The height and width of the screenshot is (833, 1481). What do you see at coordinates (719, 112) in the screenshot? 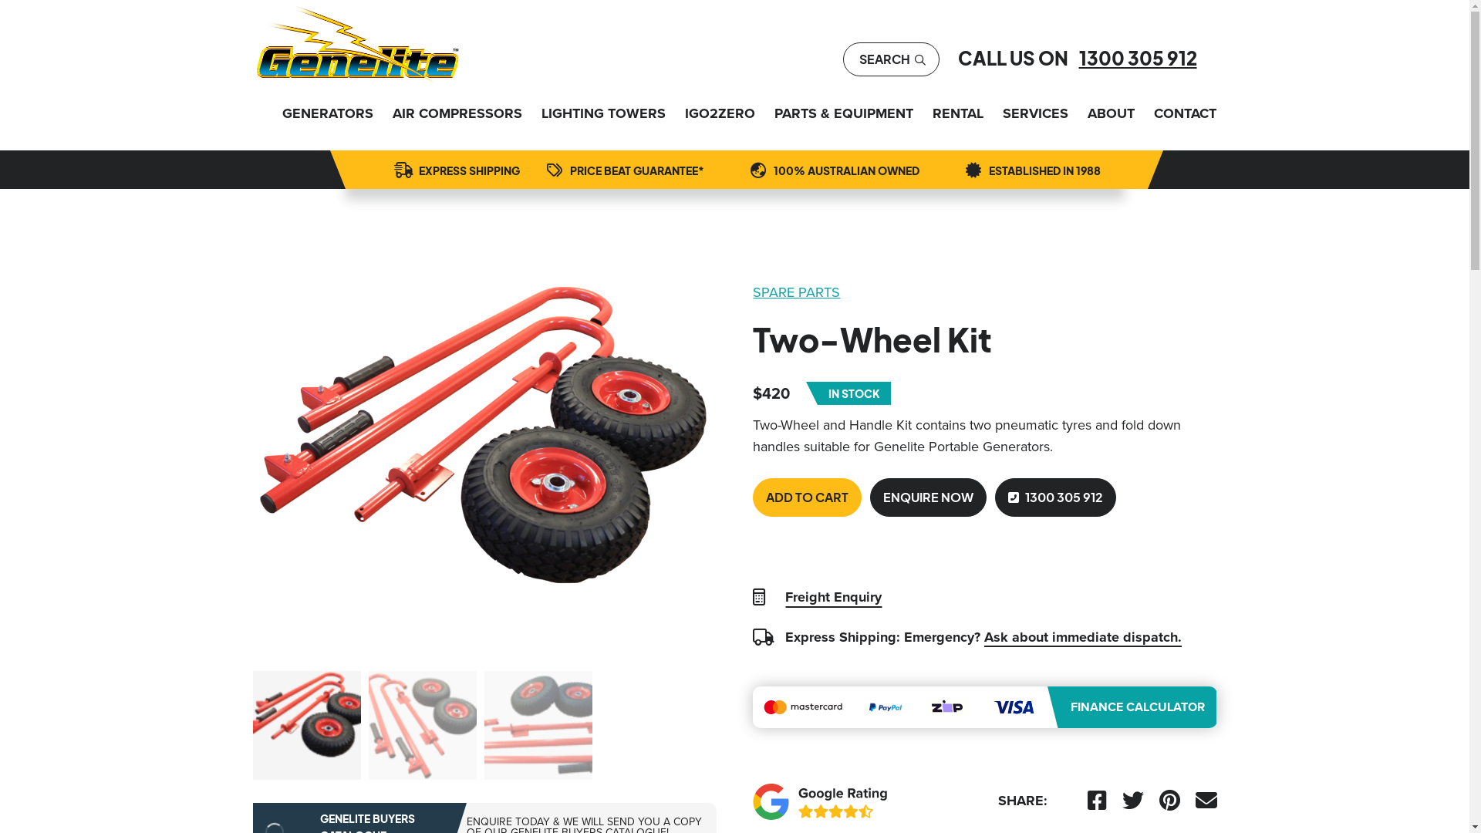
I see `'IGO2ZERO'` at bounding box center [719, 112].